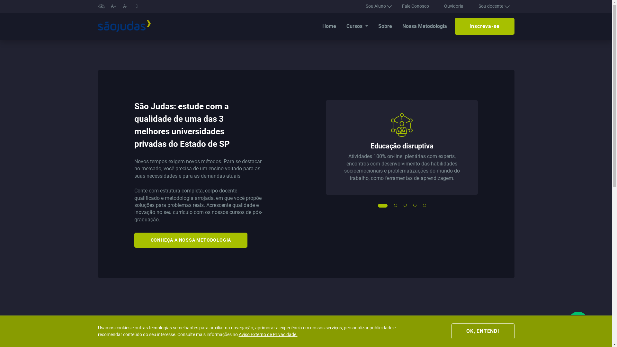 Image resolution: width=617 pixels, height=347 pixels. What do you see at coordinates (405, 206) in the screenshot?
I see `'3'` at bounding box center [405, 206].